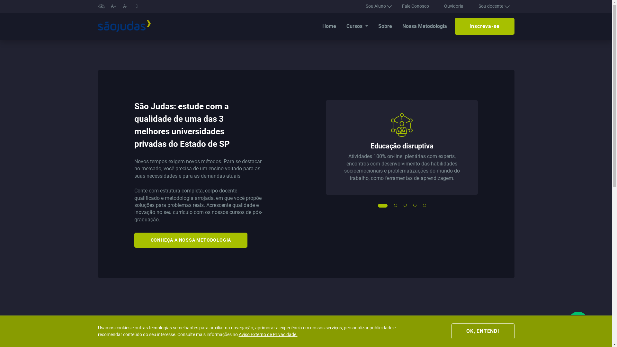 Image resolution: width=617 pixels, height=347 pixels. What do you see at coordinates (405, 206) in the screenshot?
I see `'3'` at bounding box center [405, 206].